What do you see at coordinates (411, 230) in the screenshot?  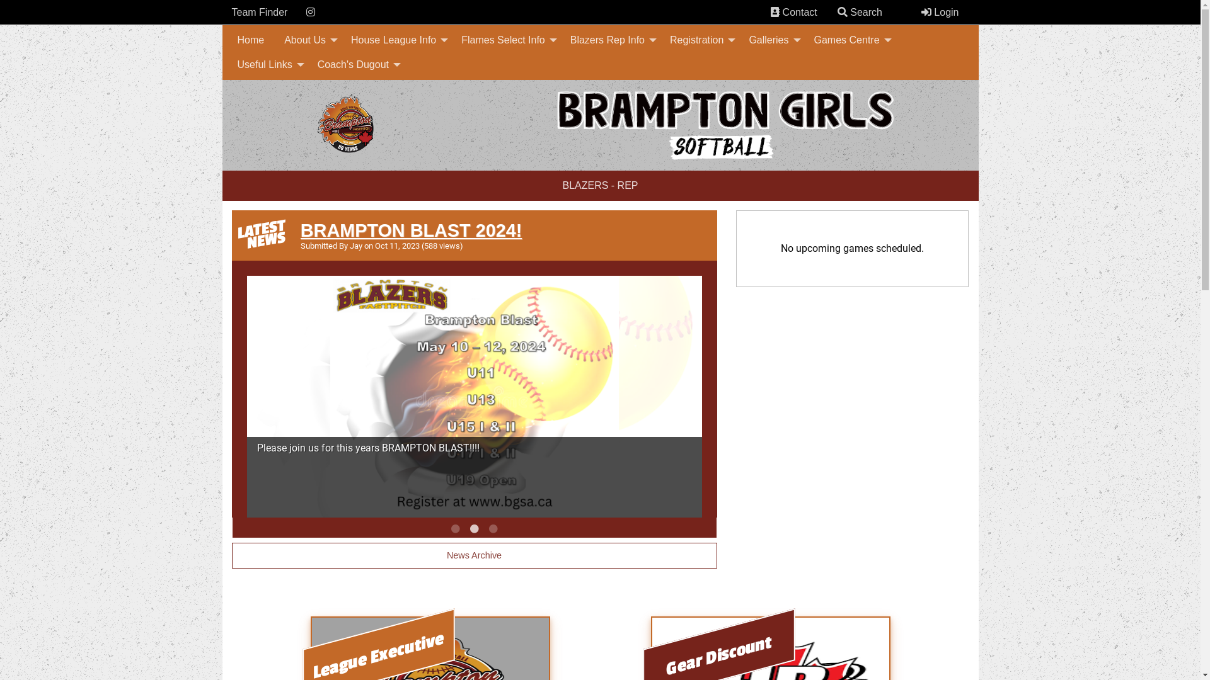 I see `'BRAMPTON BLAST 2024!'` at bounding box center [411, 230].